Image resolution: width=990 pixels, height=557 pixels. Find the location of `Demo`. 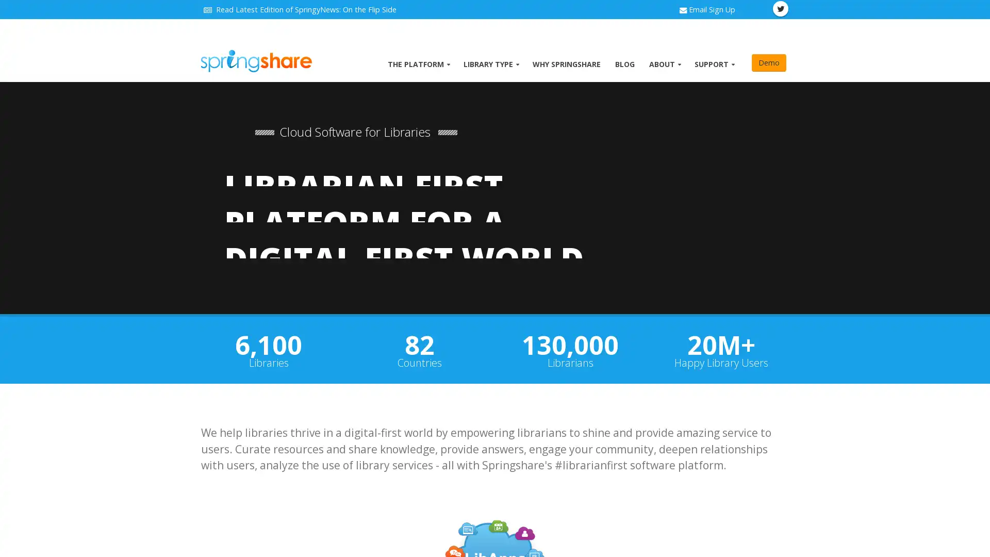

Demo is located at coordinates (769, 63).